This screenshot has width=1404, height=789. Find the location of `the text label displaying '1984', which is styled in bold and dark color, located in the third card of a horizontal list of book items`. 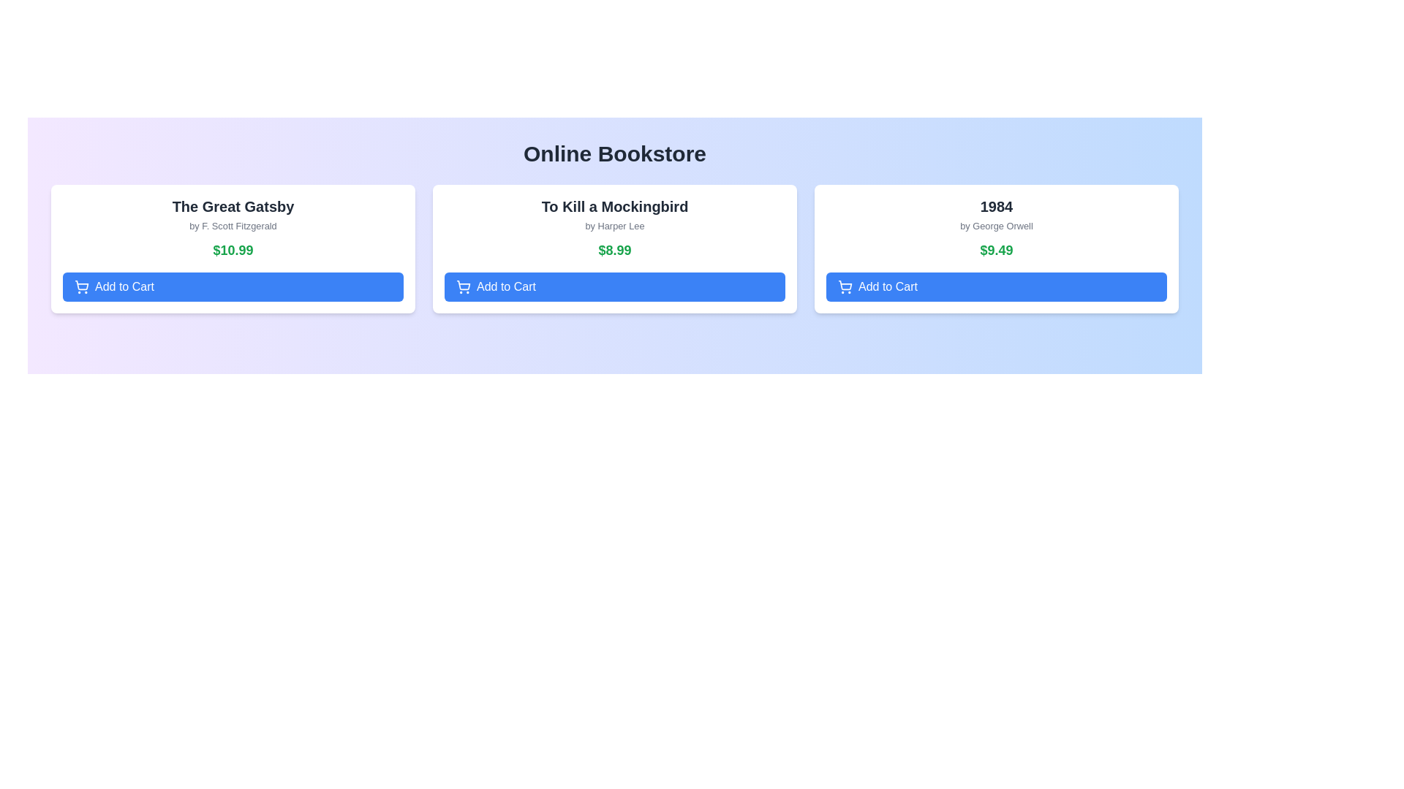

the text label displaying '1984', which is styled in bold and dark color, located in the third card of a horizontal list of book items is located at coordinates (996, 206).